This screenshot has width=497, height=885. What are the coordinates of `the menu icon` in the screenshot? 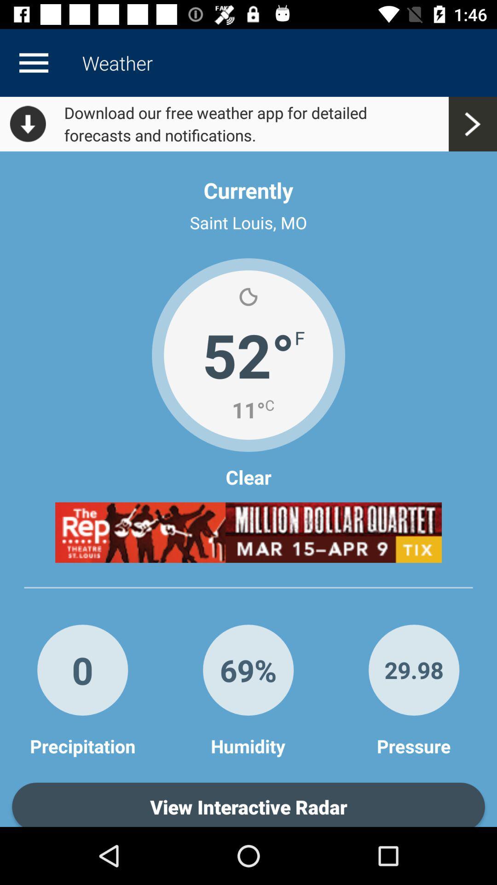 It's located at (33, 62).